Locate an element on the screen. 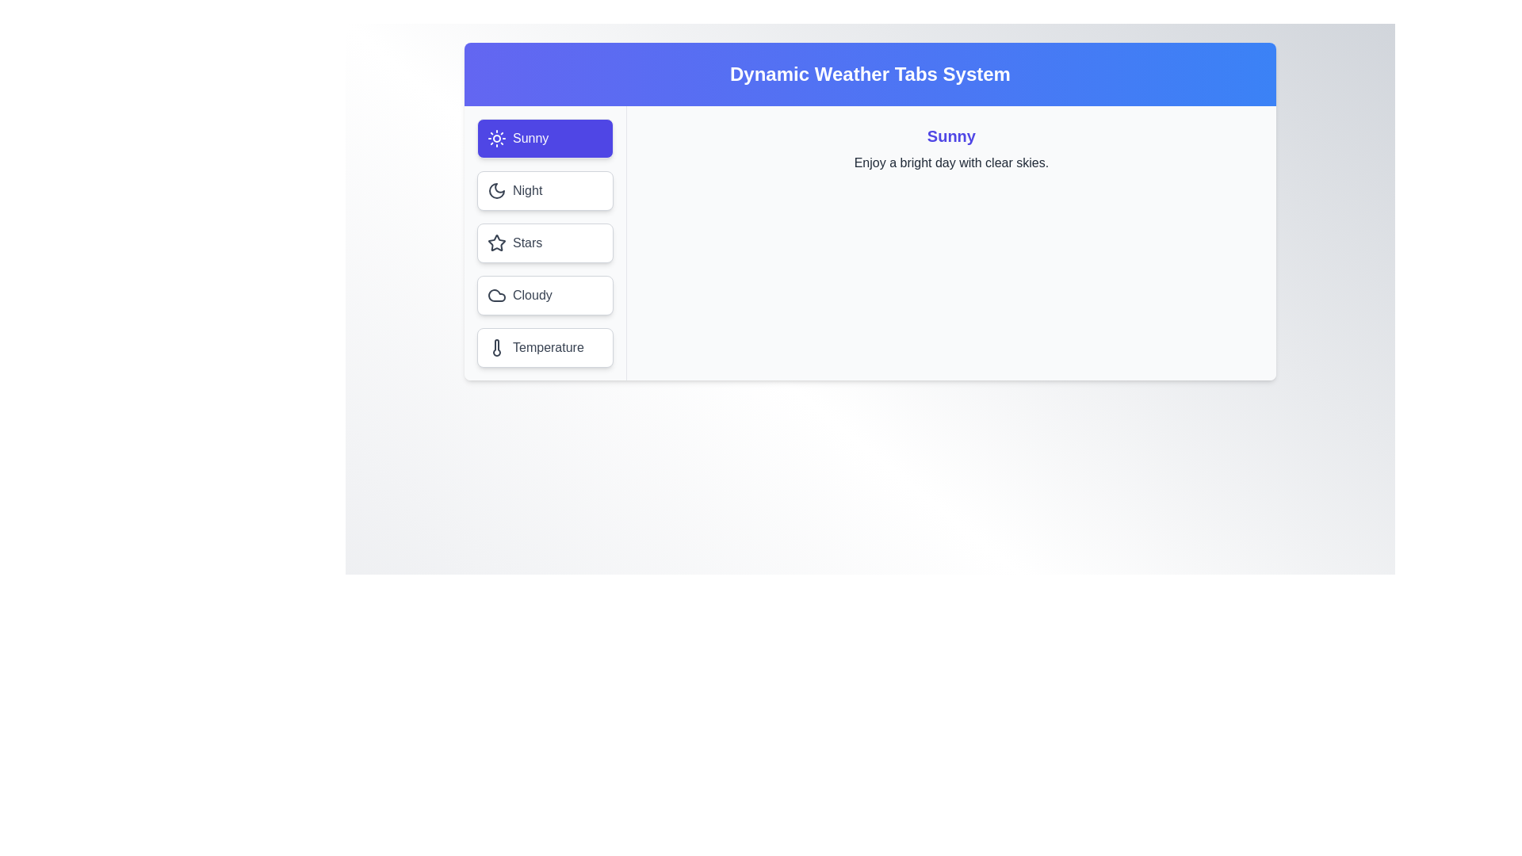 This screenshot has height=856, width=1522. the Night tab is located at coordinates (545, 189).